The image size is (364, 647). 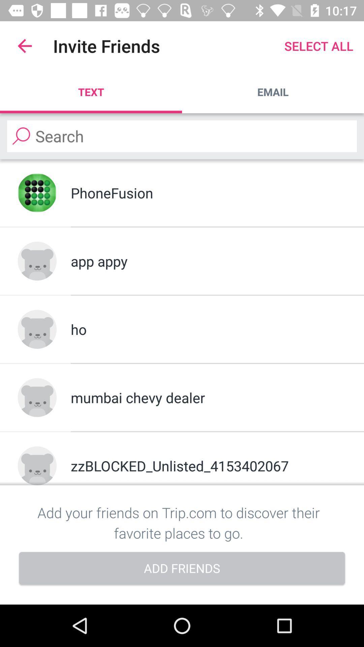 What do you see at coordinates (182, 136) in the screenshot?
I see `search terms` at bounding box center [182, 136].